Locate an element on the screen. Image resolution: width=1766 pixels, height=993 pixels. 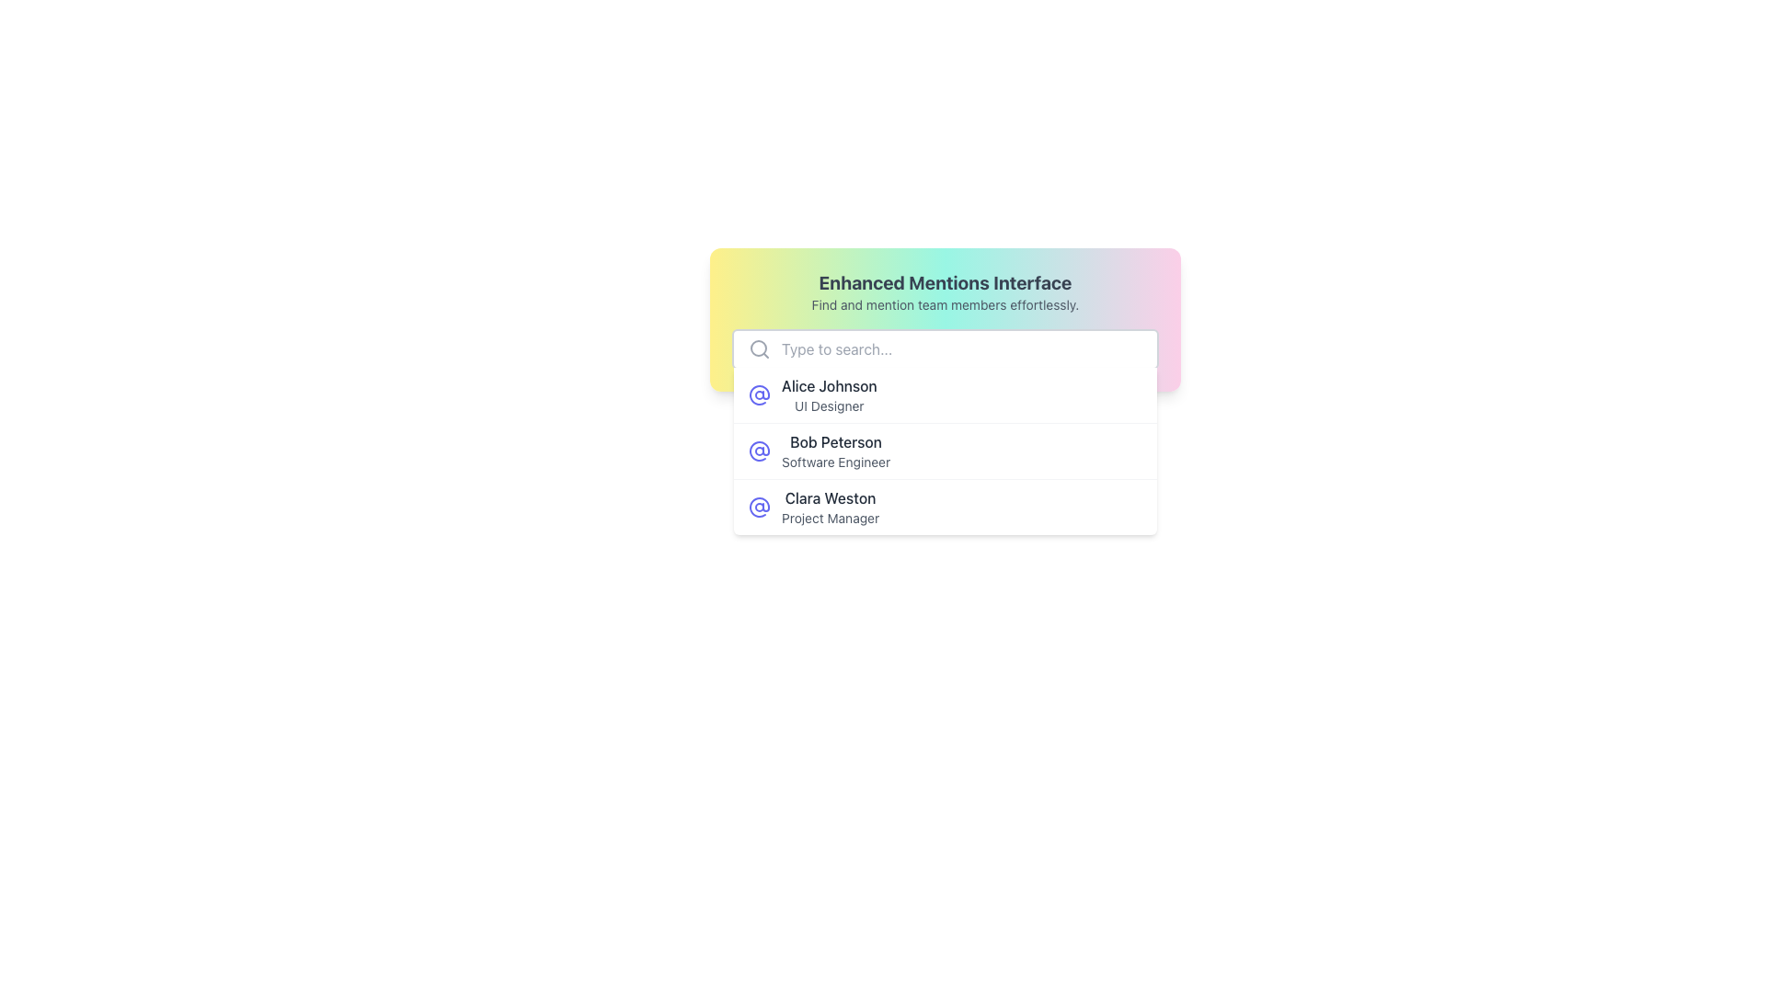
the text label displaying the name 'Bob Peterson' is located at coordinates (835, 442).